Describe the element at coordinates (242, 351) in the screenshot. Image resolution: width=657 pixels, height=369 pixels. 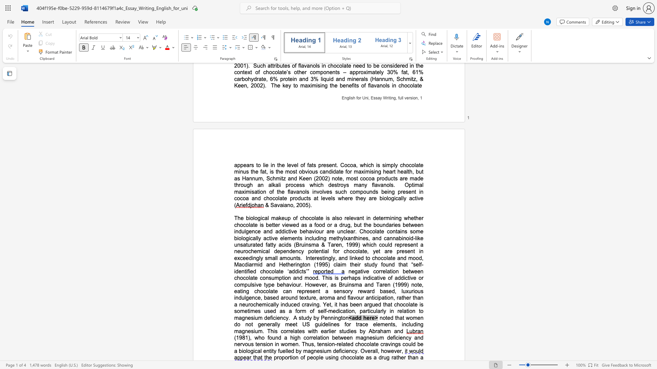
I see `the subset text "iological entity fuelled by magnesium deficienc" within the text "(1981), who found a high correlation between magnesium deficiency and nervous tension in women. Thus, tension-related chocolate cravings could be a biological entity fuelled by magnesium deficiency. Overall, however,"` at that location.